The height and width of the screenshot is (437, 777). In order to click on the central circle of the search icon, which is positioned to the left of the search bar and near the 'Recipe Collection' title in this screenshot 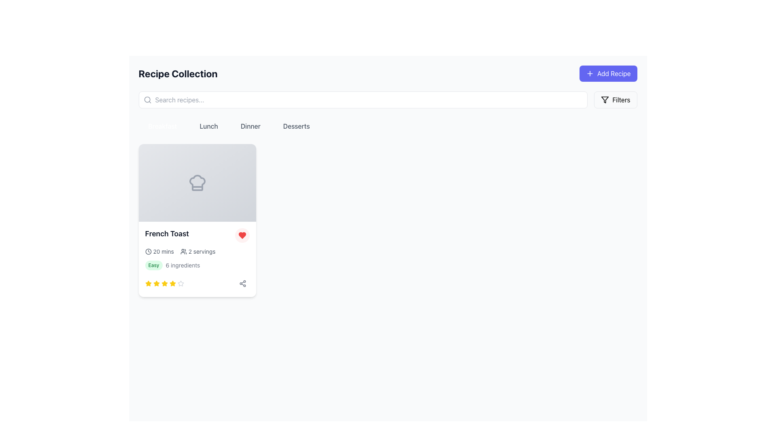, I will do `click(147, 99)`.